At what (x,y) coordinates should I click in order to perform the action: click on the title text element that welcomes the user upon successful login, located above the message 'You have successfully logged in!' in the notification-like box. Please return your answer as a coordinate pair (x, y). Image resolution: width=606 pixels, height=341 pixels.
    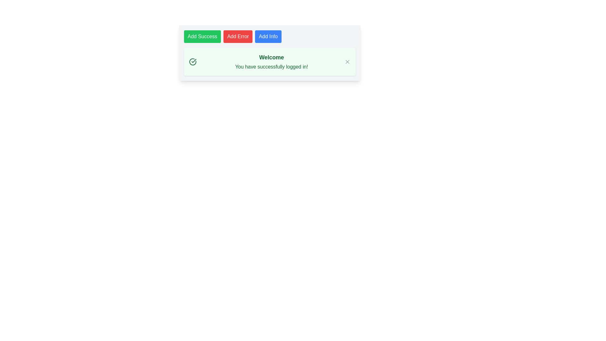
    Looking at the image, I should click on (271, 57).